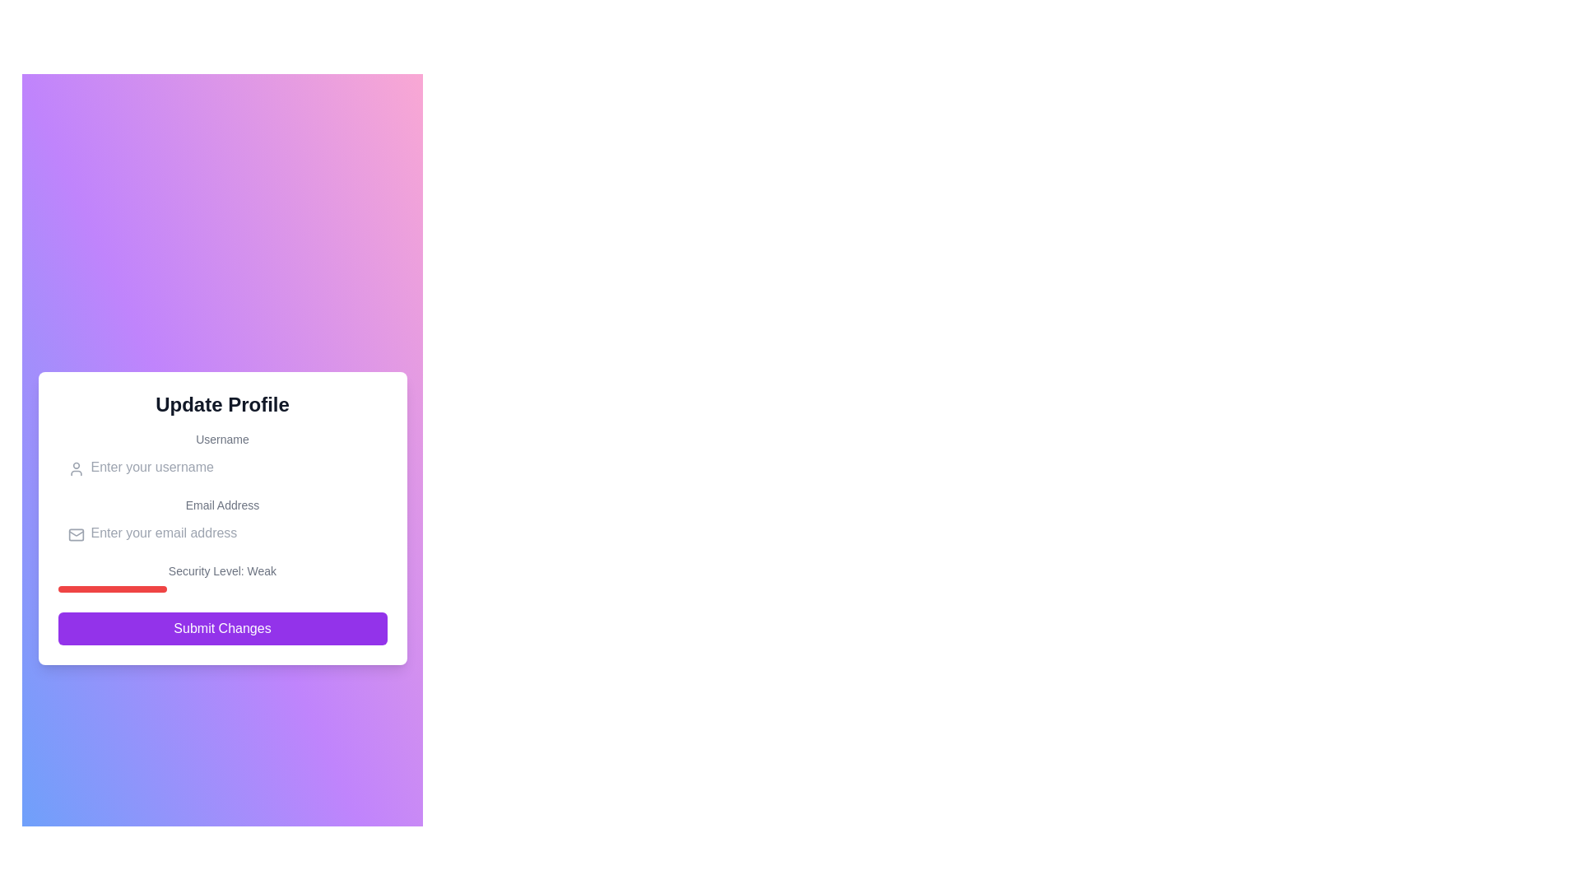 The image size is (1580, 889). I want to click on the label that provides context for the email input field, located in the upper-central area of the form above the email input field, so click(221, 504).